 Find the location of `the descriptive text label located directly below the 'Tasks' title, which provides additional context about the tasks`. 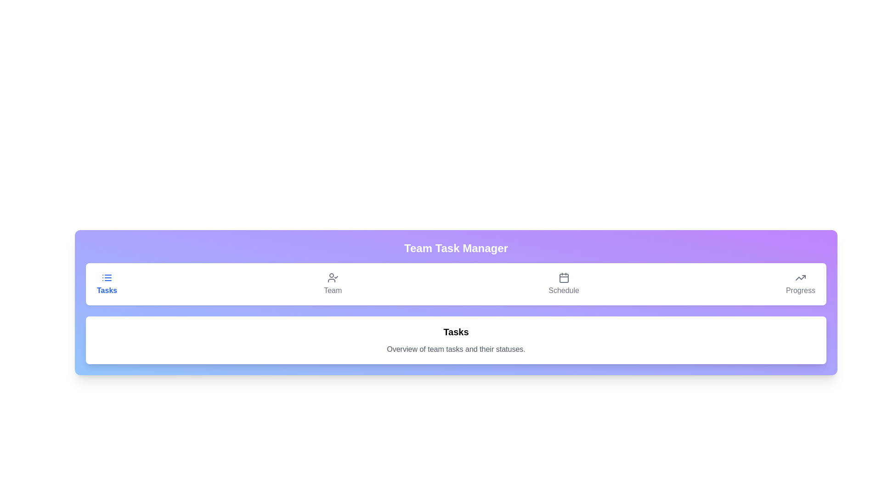

the descriptive text label located directly below the 'Tasks' title, which provides additional context about the tasks is located at coordinates (456, 349).